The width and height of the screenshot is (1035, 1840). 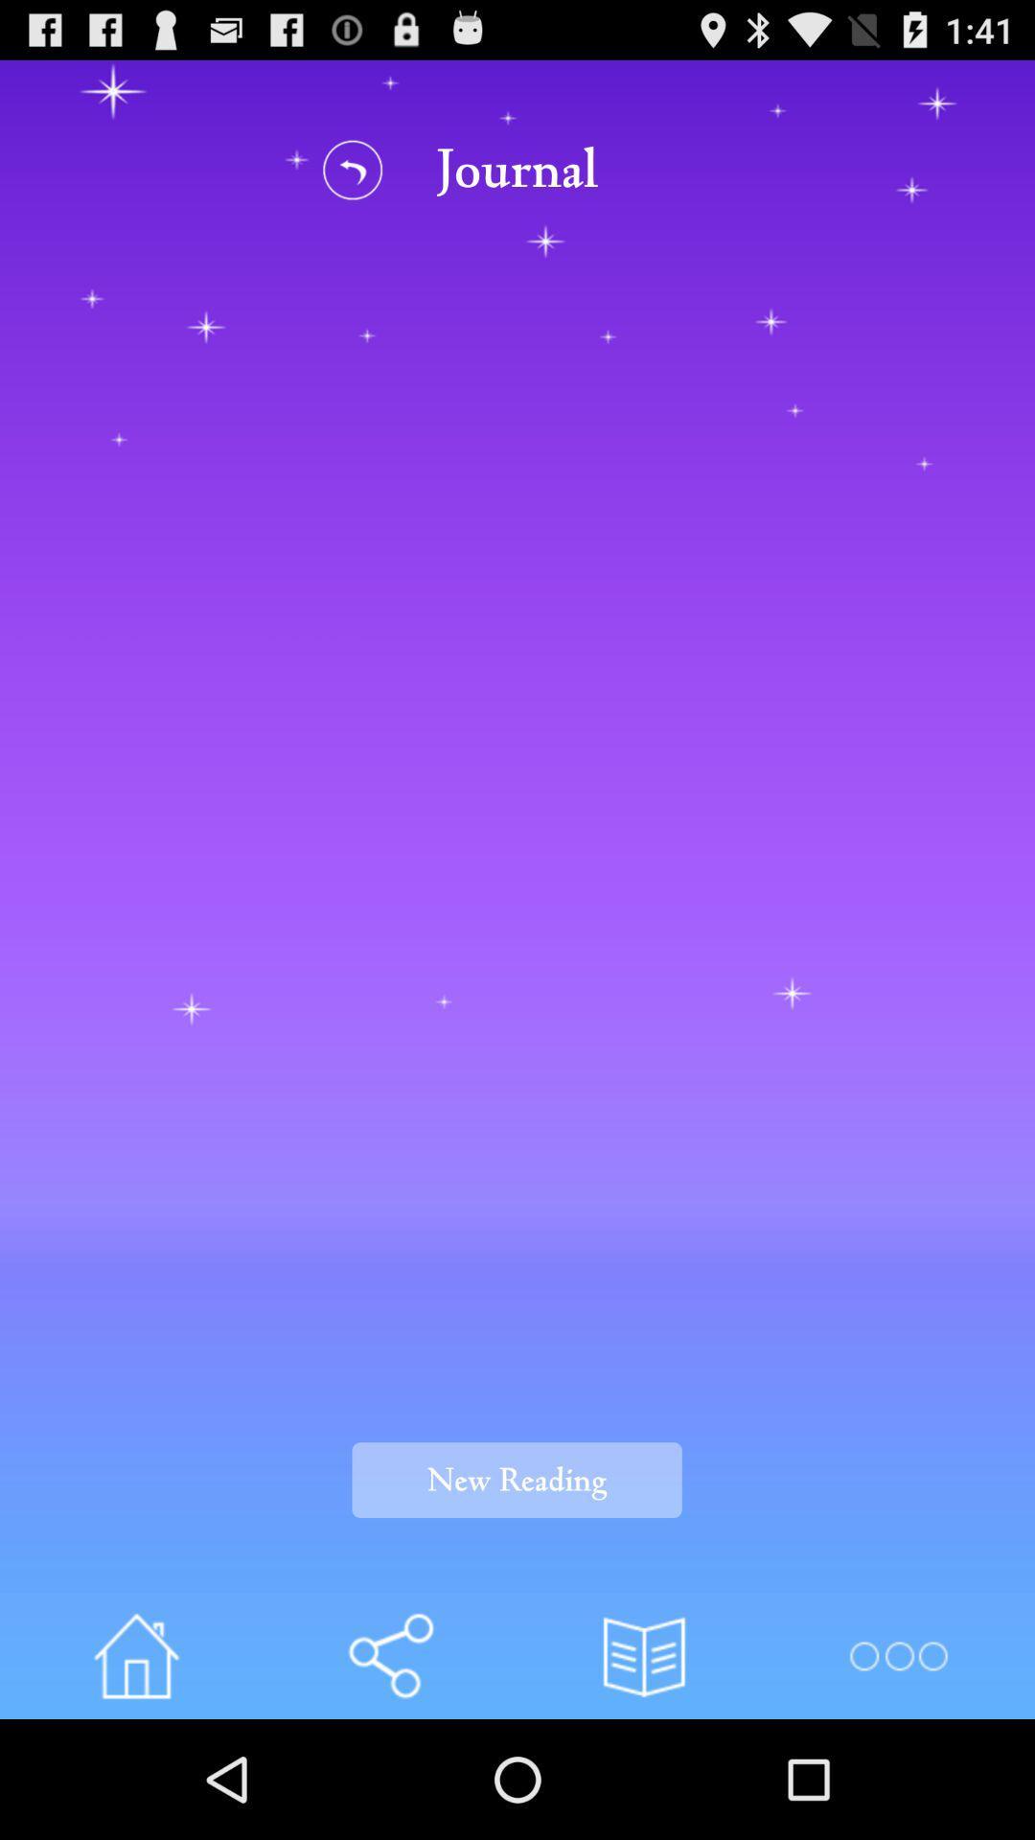 What do you see at coordinates (898, 1655) in the screenshot?
I see `application option` at bounding box center [898, 1655].